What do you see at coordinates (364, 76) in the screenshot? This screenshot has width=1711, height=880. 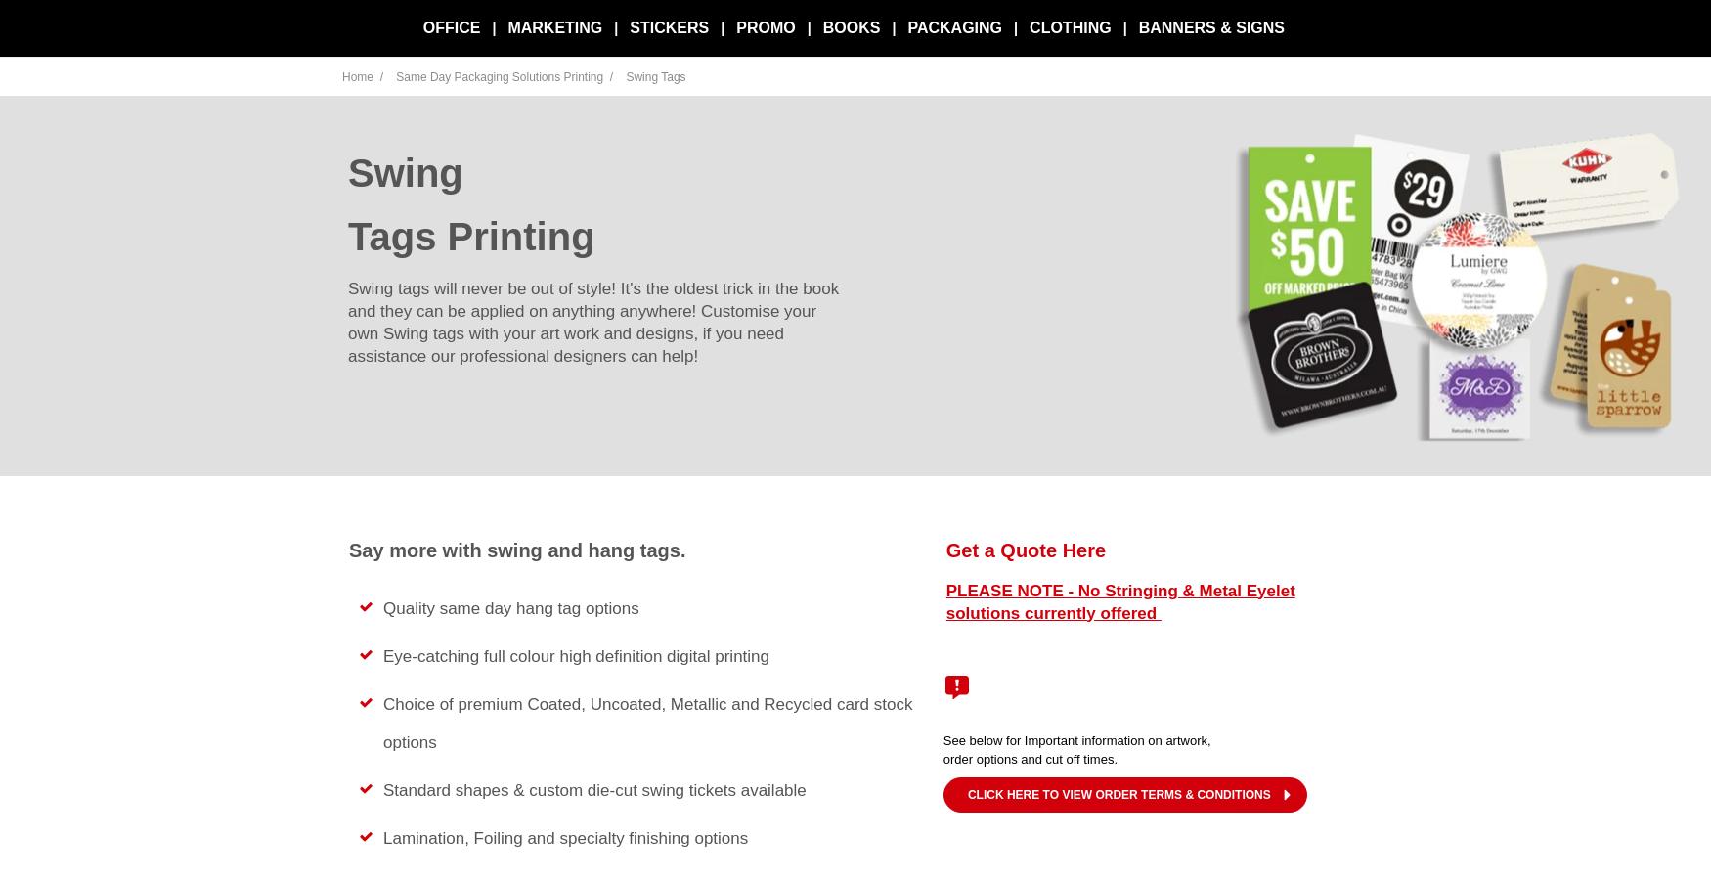 I see `'Home  /'` at bounding box center [364, 76].